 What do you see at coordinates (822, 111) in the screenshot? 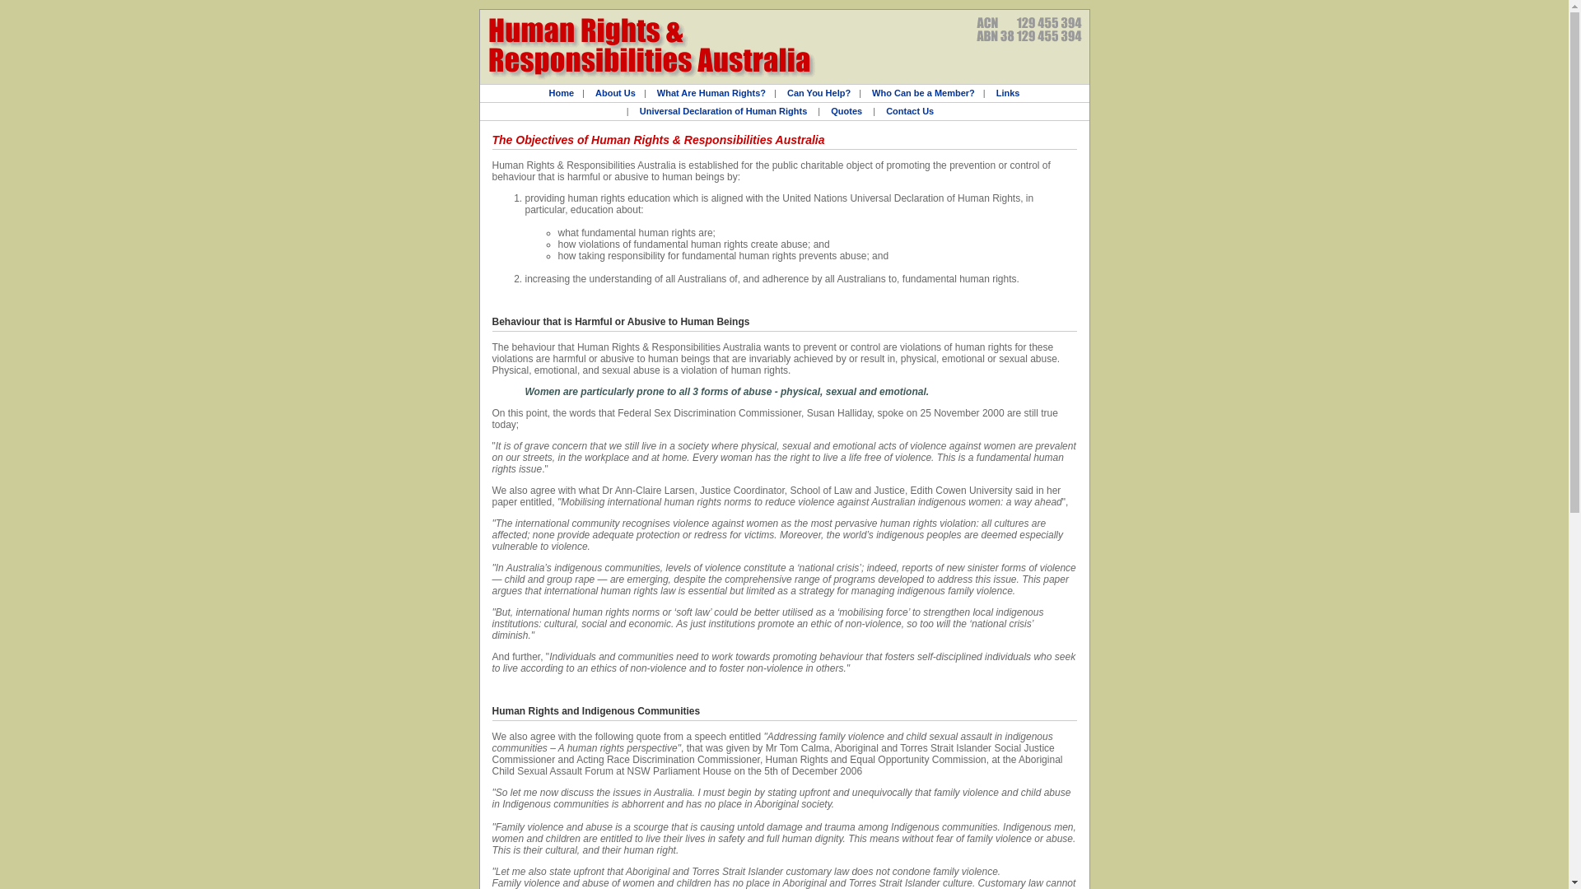
I see `'Quotes'` at bounding box center [822, 111].